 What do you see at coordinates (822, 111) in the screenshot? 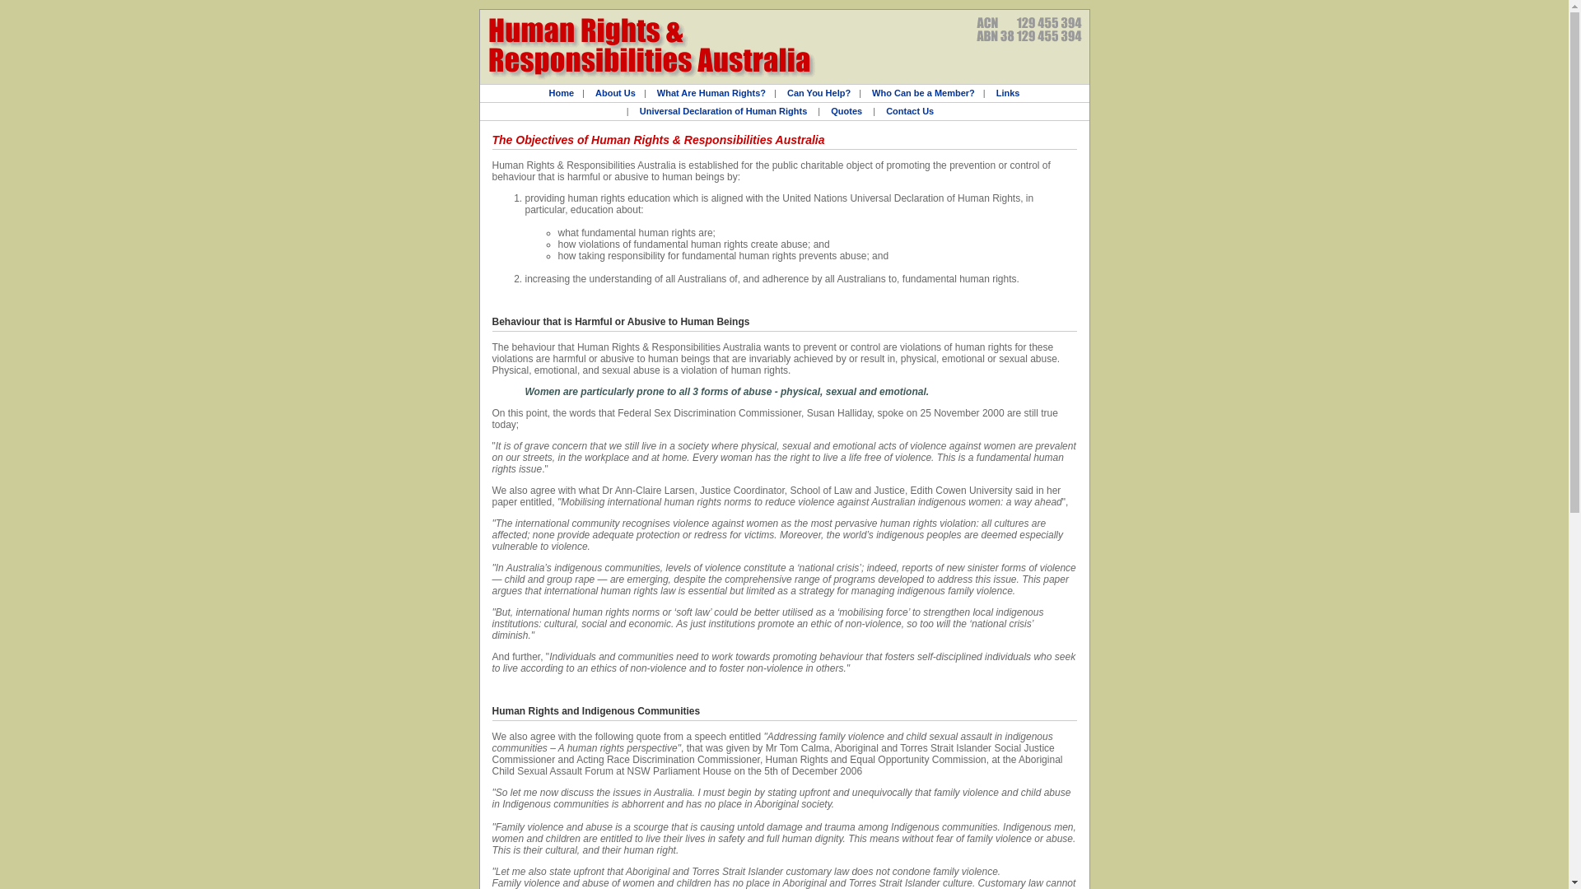
I see `'Quotes'` at bounding box center [822, 111].